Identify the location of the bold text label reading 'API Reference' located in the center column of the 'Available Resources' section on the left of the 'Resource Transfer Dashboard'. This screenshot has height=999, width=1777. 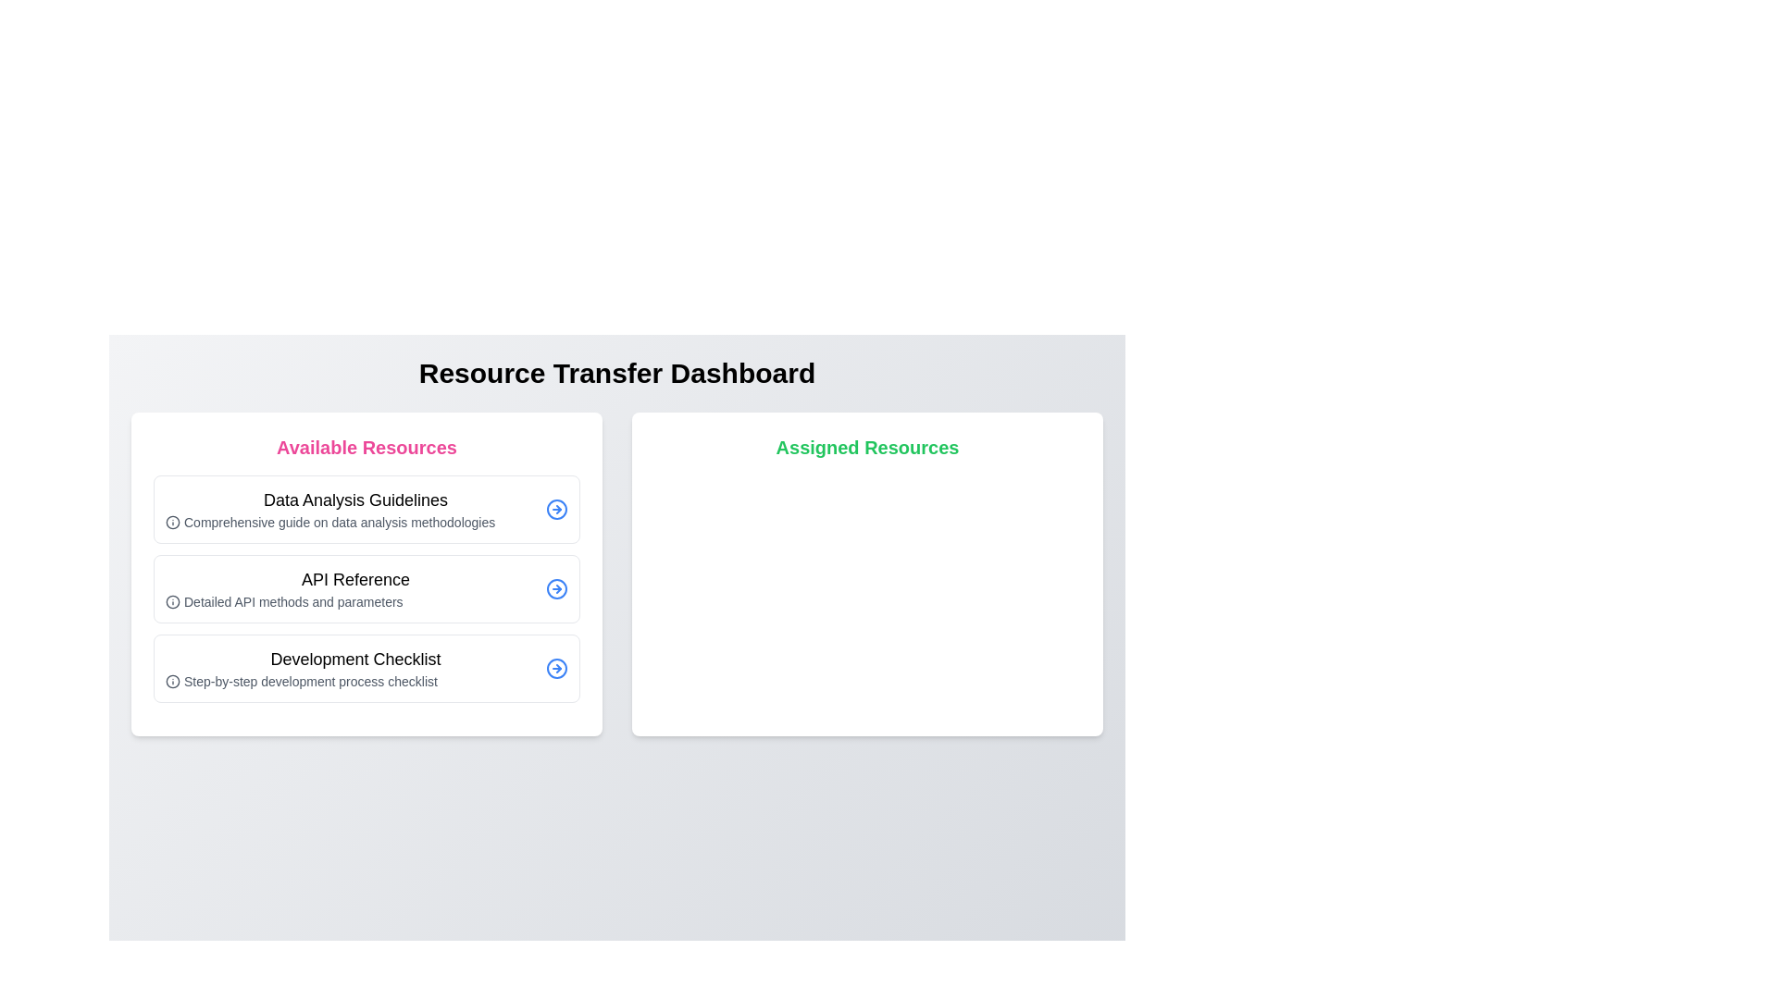
(355, 579).